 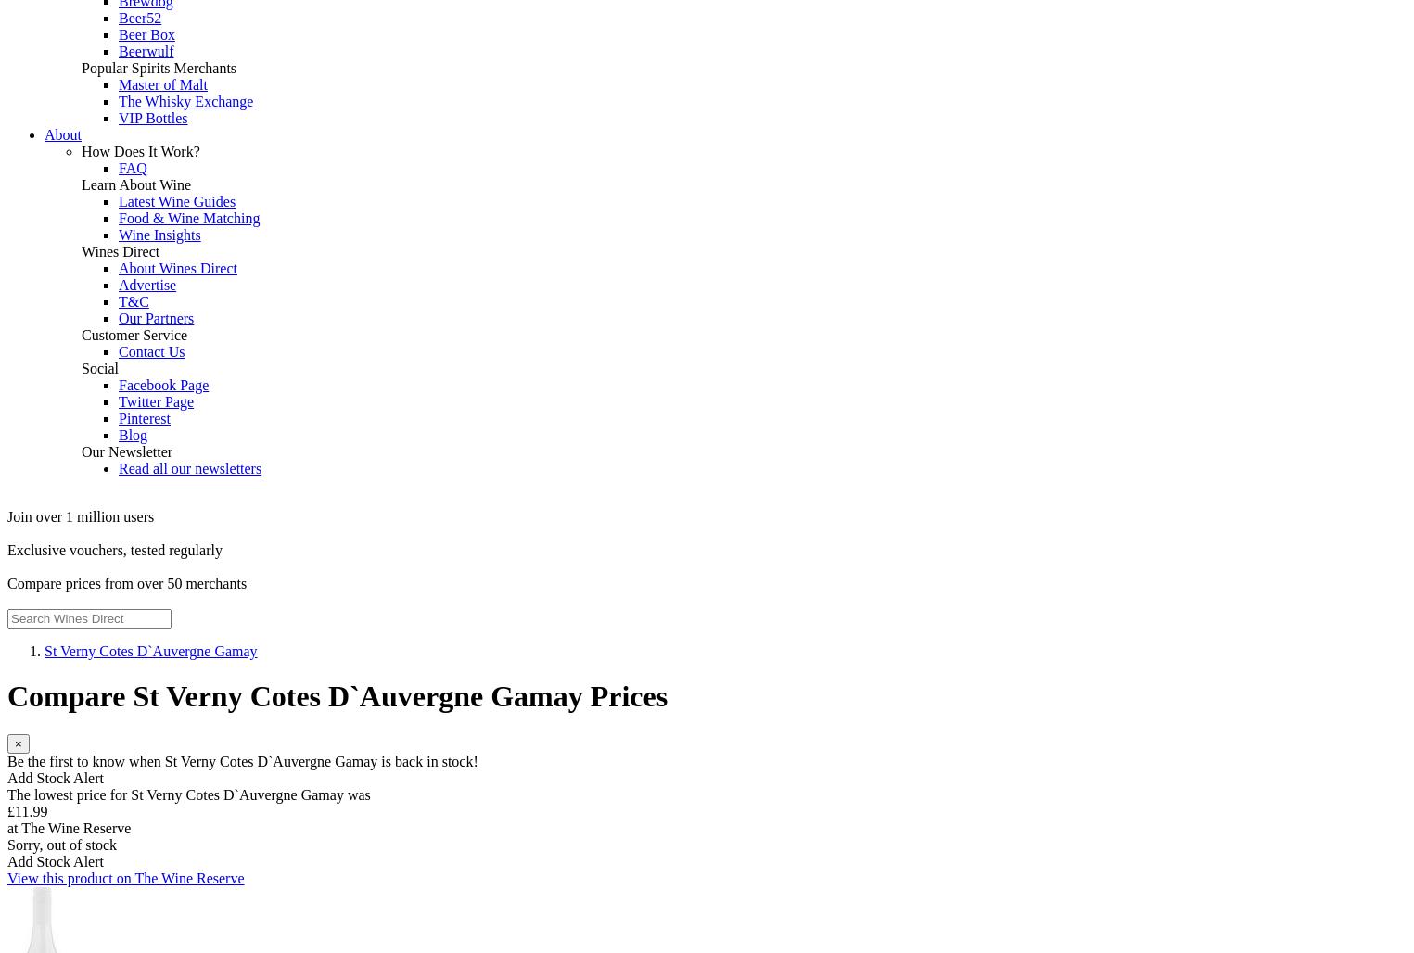 What do you see at coordinates (134, 334) in the screenshot?
I see `'Customer Service'` at bounding box center [134, 334].